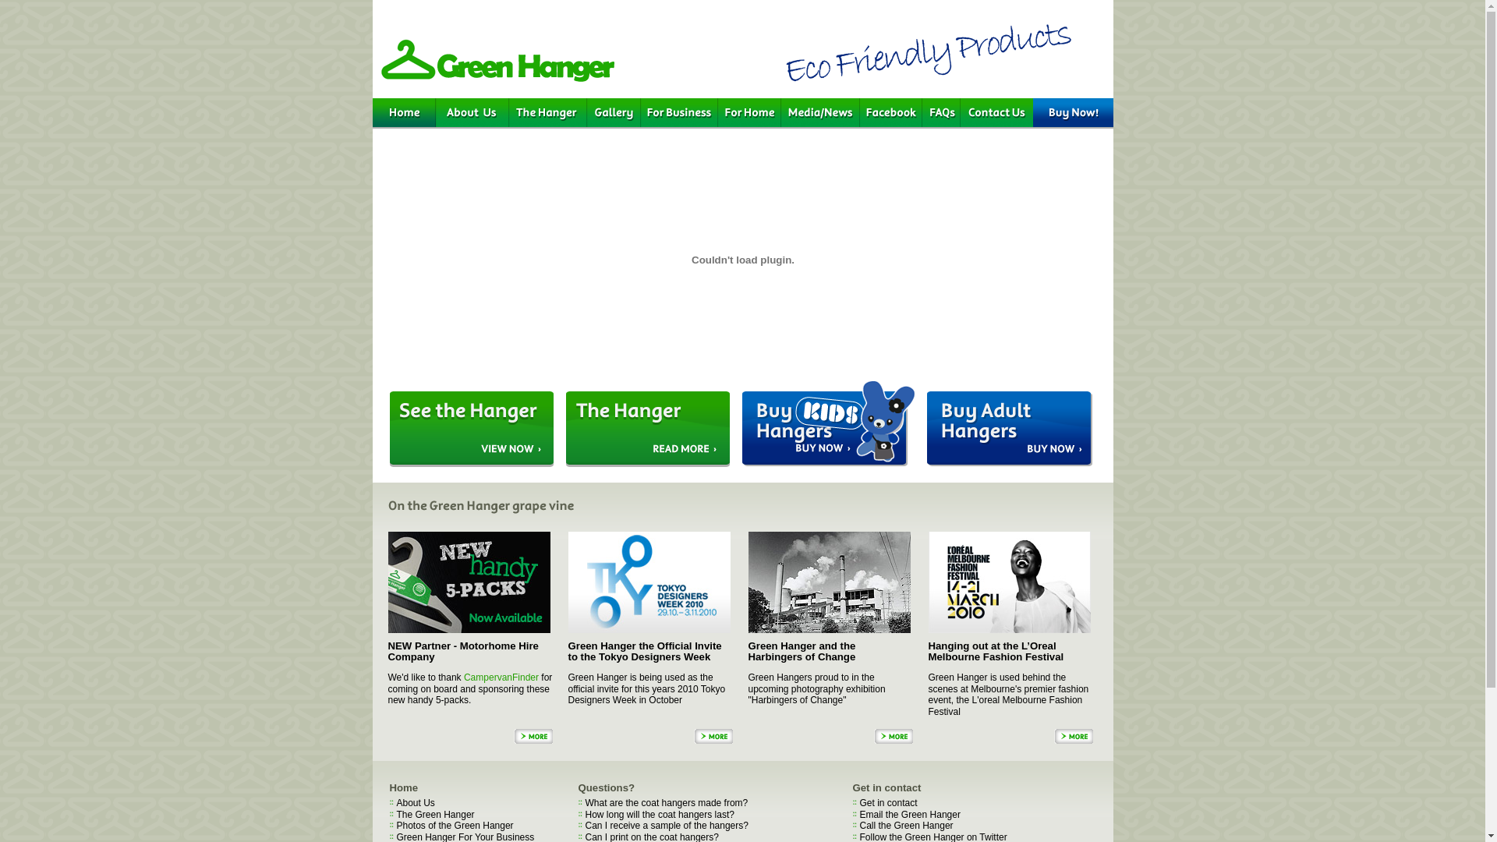 This screenshot has height=842, width=1497. What do you see at coordinates (940, 112) in the screenshot?
I see `'FAQs'` at bounding box center [940, 112].